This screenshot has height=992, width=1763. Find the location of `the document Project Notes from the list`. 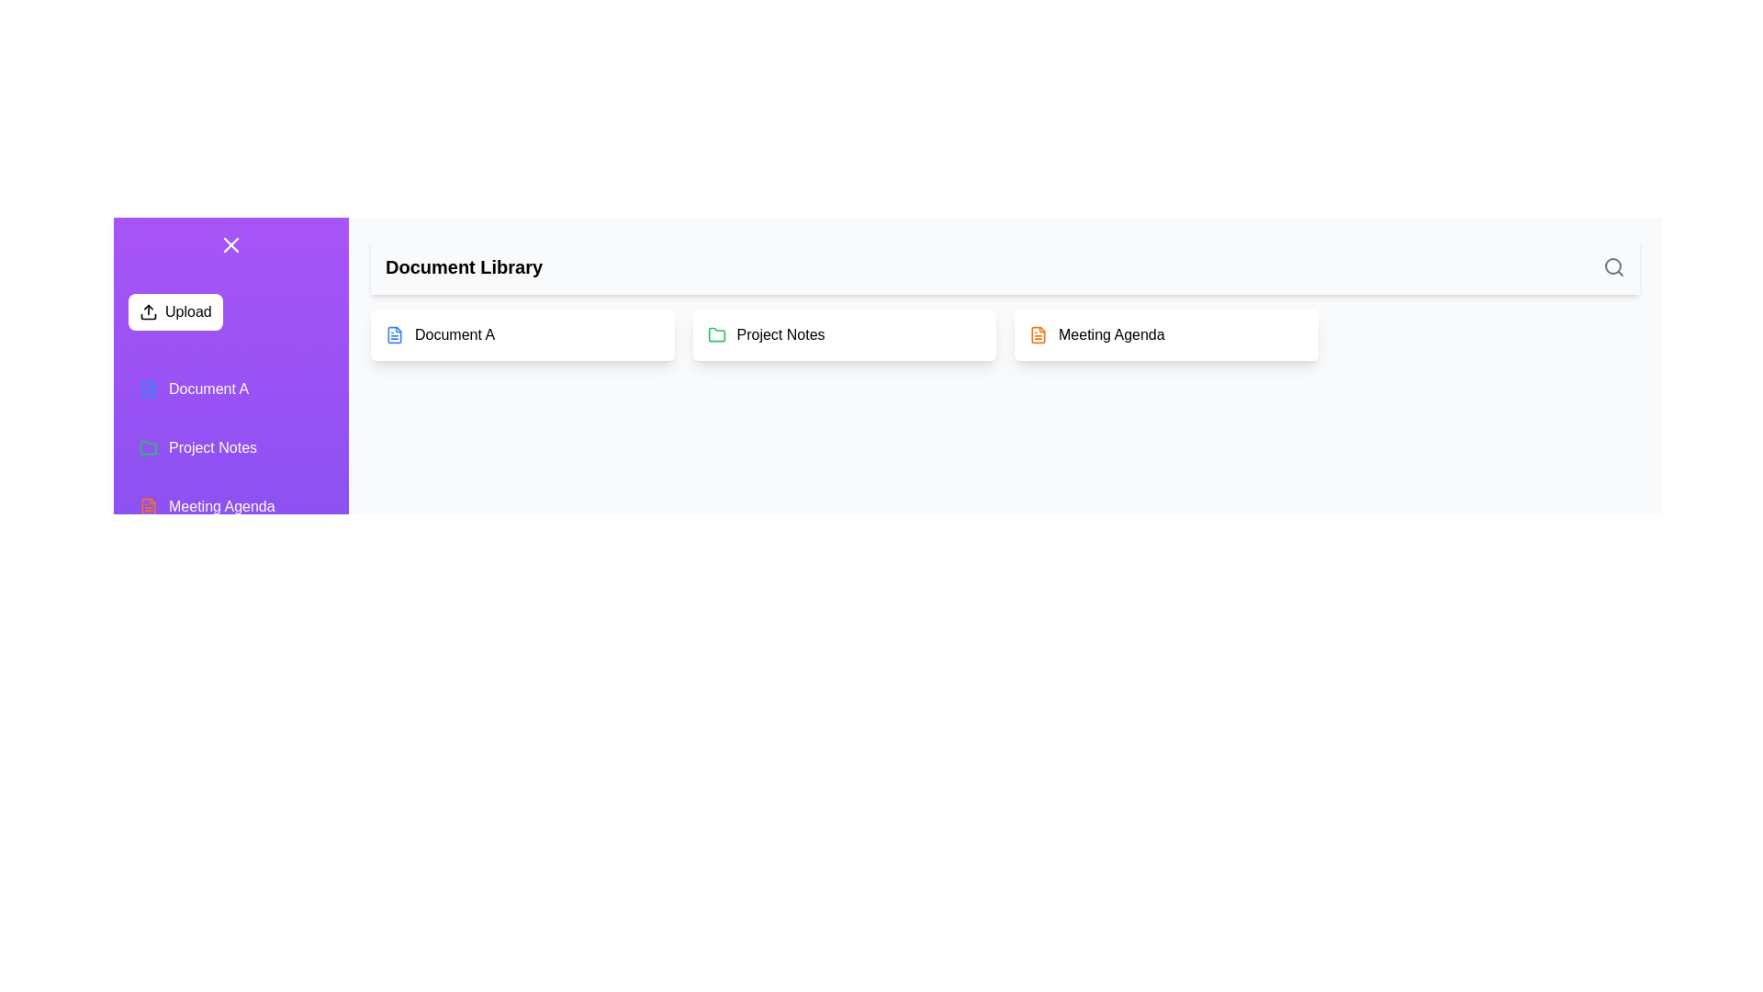

the document Project Notes from the list is located at coordinates (843, 335).